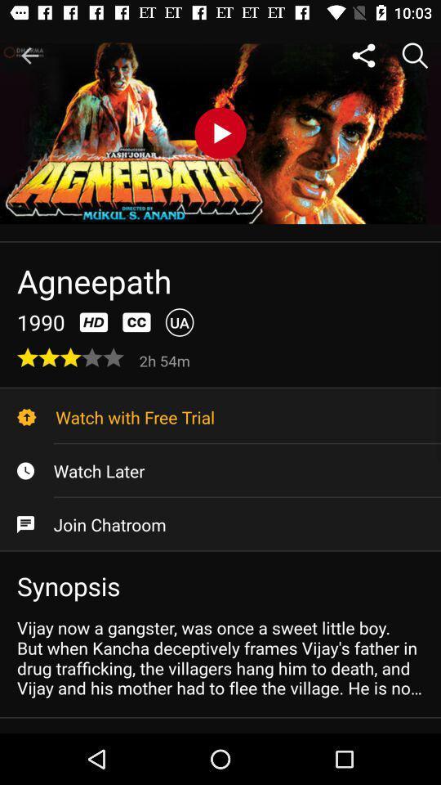 Image resolution: width=441 pixels, height=785 pixels. Describe the element at coordinates (220, 471) in the screenshot. I see `watch later item` at that location.